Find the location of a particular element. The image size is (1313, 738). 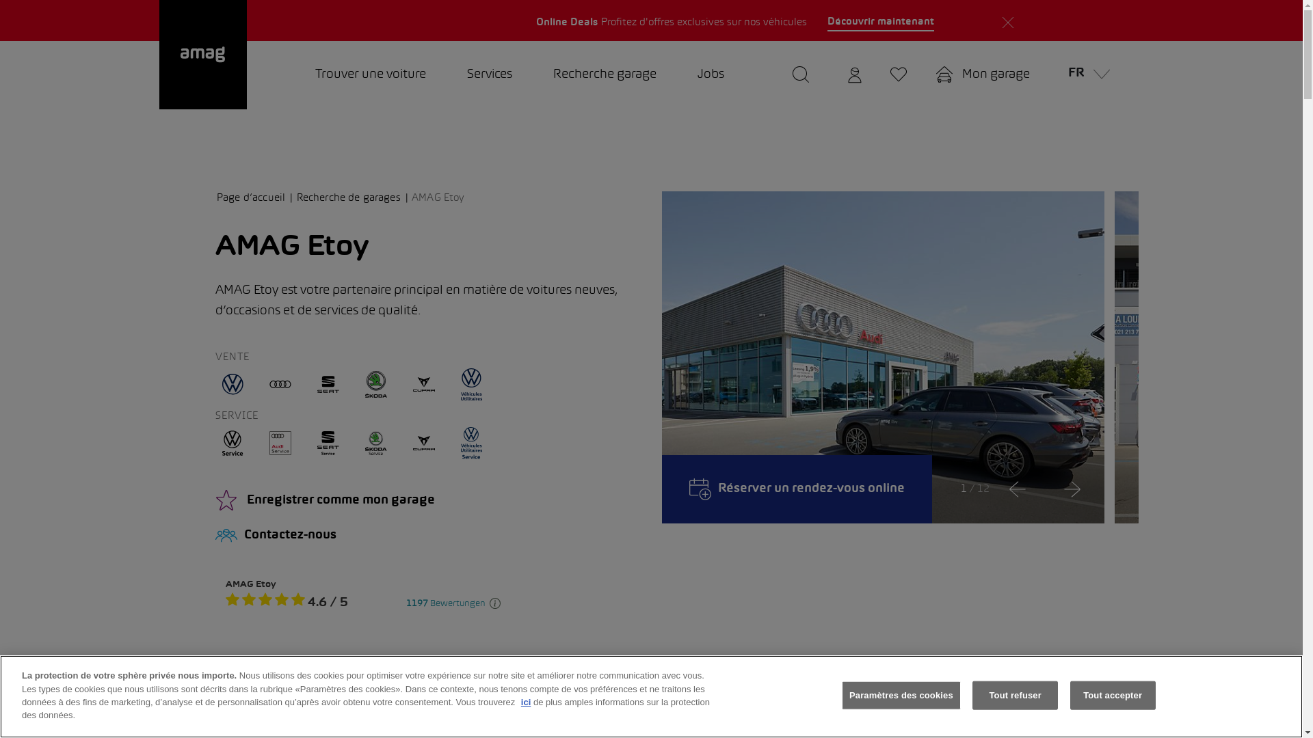

'Jobs' is located at coordinates (711, 75).